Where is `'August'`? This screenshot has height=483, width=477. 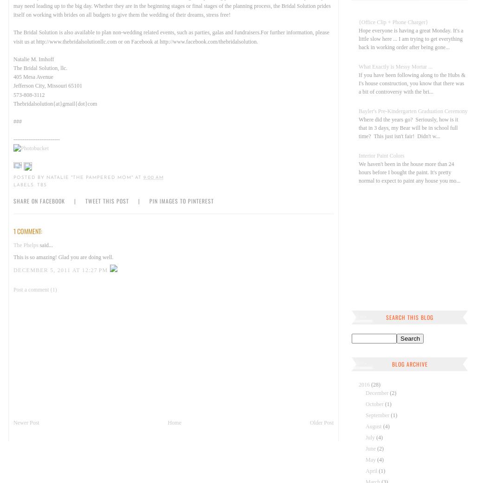
'August' is located at coordinates (374, 426).